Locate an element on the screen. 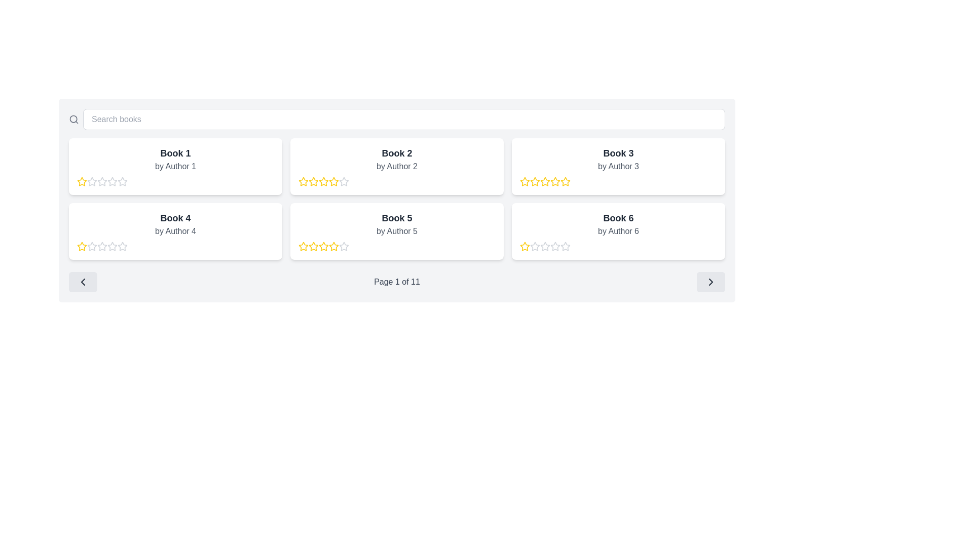 Image resolution: width=973 pixels, height=547 pixels. the outlined star icon, which is the seventh star in the rating lineup under 'Book 5' by 'Author 5' is located at coordinates (344, 246).